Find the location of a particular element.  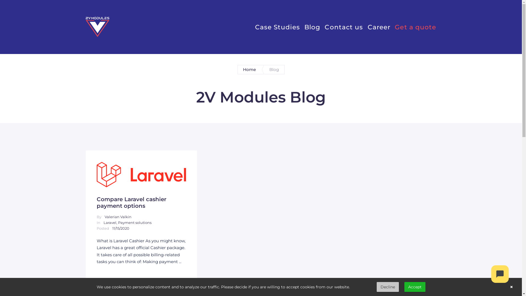

'Chatbot' is located at coordinates (500, 274).